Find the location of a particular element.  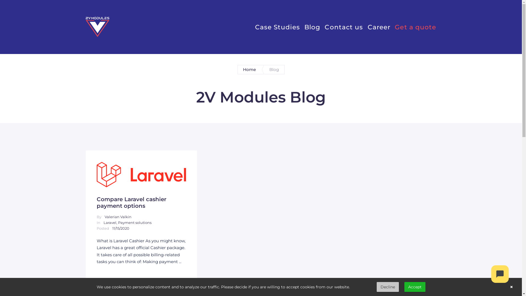

'Chatbot' is located at coordinates (500, 274).